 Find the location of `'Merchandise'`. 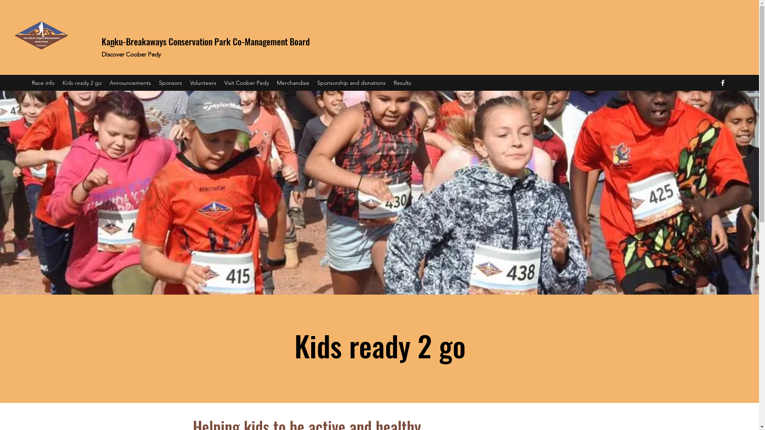

'Merchandise' is located at coordinates (292, 83).